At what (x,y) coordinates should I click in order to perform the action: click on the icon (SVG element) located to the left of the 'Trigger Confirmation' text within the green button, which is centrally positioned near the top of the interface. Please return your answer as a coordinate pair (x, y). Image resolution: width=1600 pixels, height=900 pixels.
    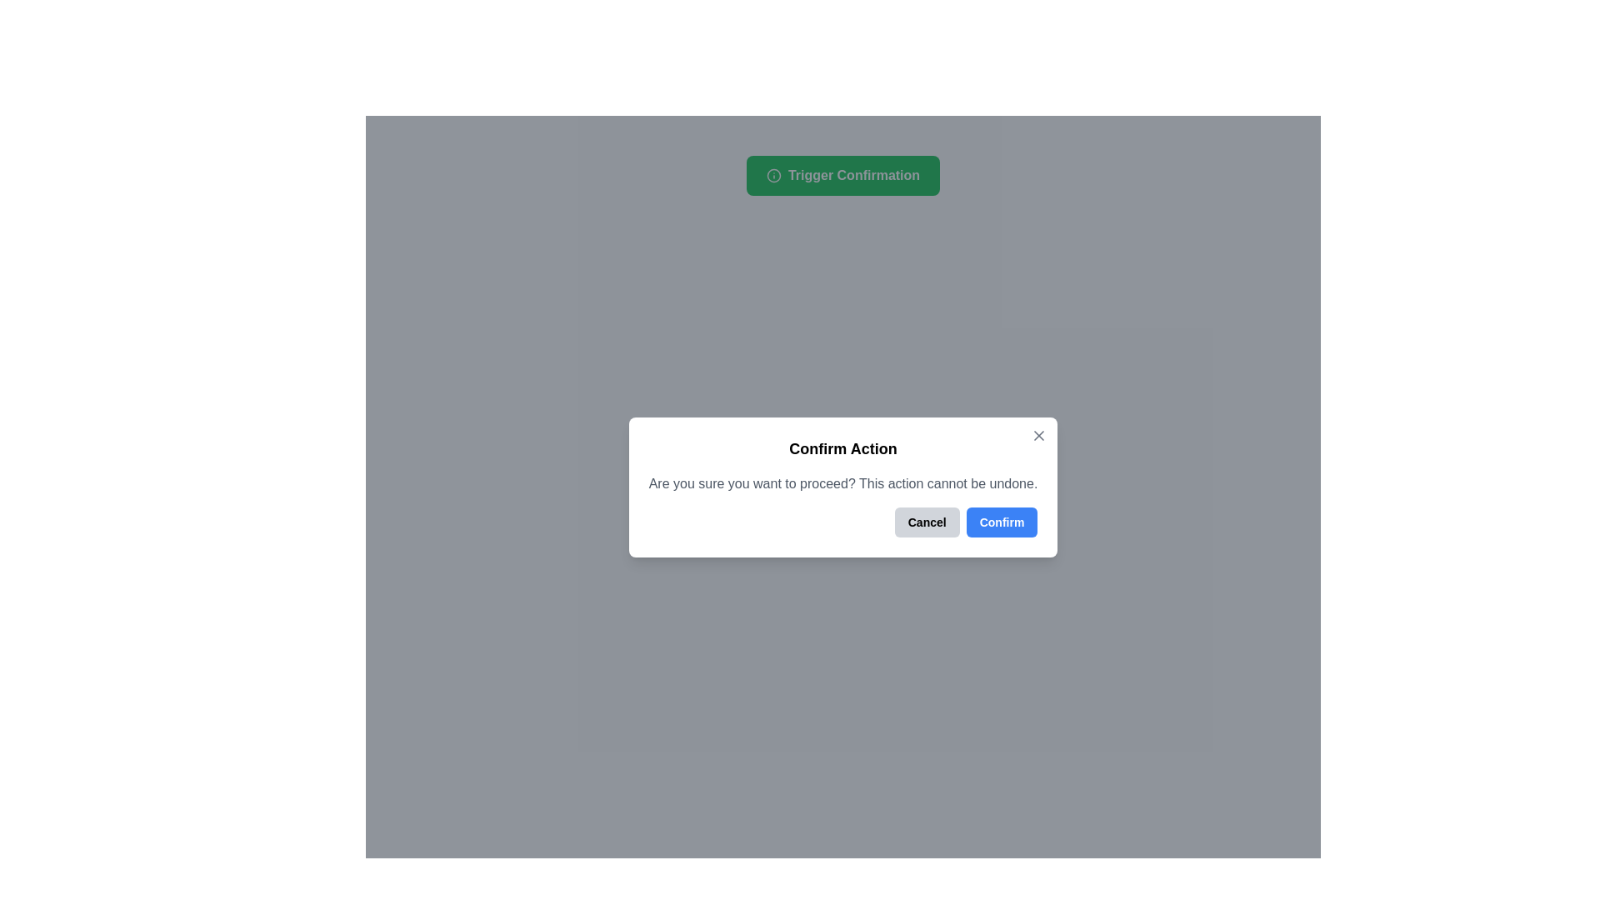
    Looking at the image, I should click on (772, 176).